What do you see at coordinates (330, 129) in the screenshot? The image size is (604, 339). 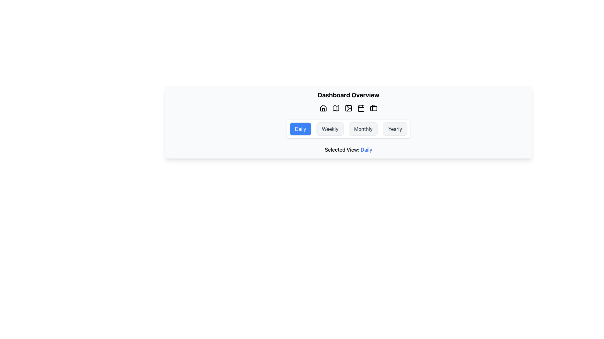 I see `the 'Weekly' button with a light gray background and dark gray text, which is the second button in the row of time period buttons under the 'Dashboard Overview' section` at bounding box center [330, 129].